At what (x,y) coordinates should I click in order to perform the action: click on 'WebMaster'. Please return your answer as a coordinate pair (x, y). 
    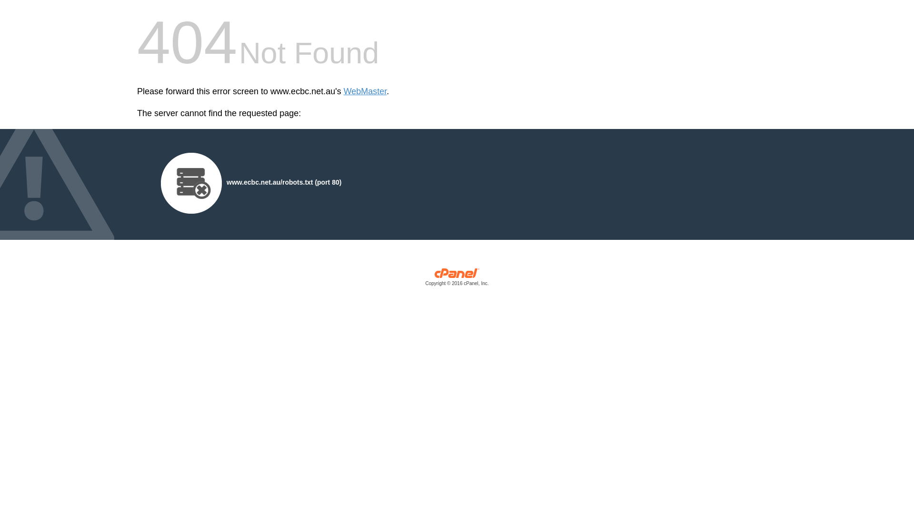
    Looking at the image, I should click on (365, 91).